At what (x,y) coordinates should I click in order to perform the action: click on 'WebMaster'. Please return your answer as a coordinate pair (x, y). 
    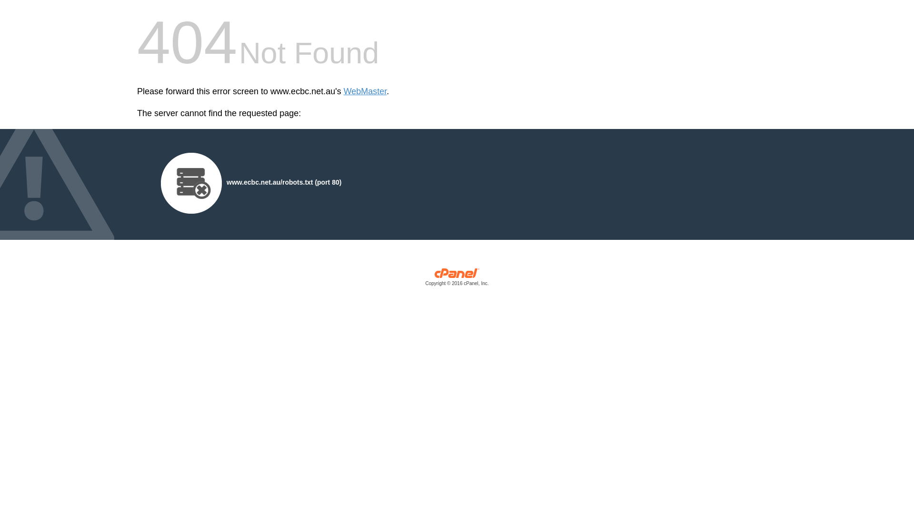
    Looking at the image, I should click on (365, 91).